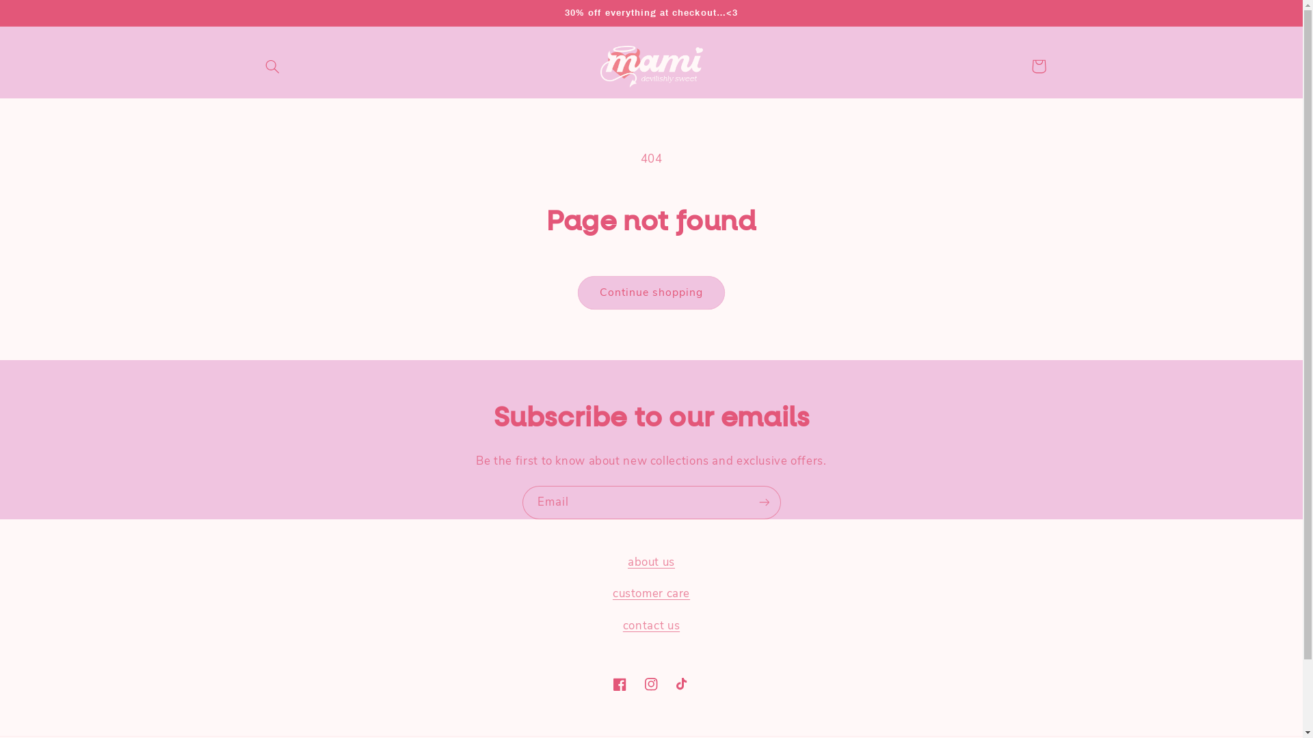 Image resolution: width=1313 pixels, height=738 pixels. Describe the element at coordinates (650, 292) in the screenshot. I see `'Continue shopping'` at that location.